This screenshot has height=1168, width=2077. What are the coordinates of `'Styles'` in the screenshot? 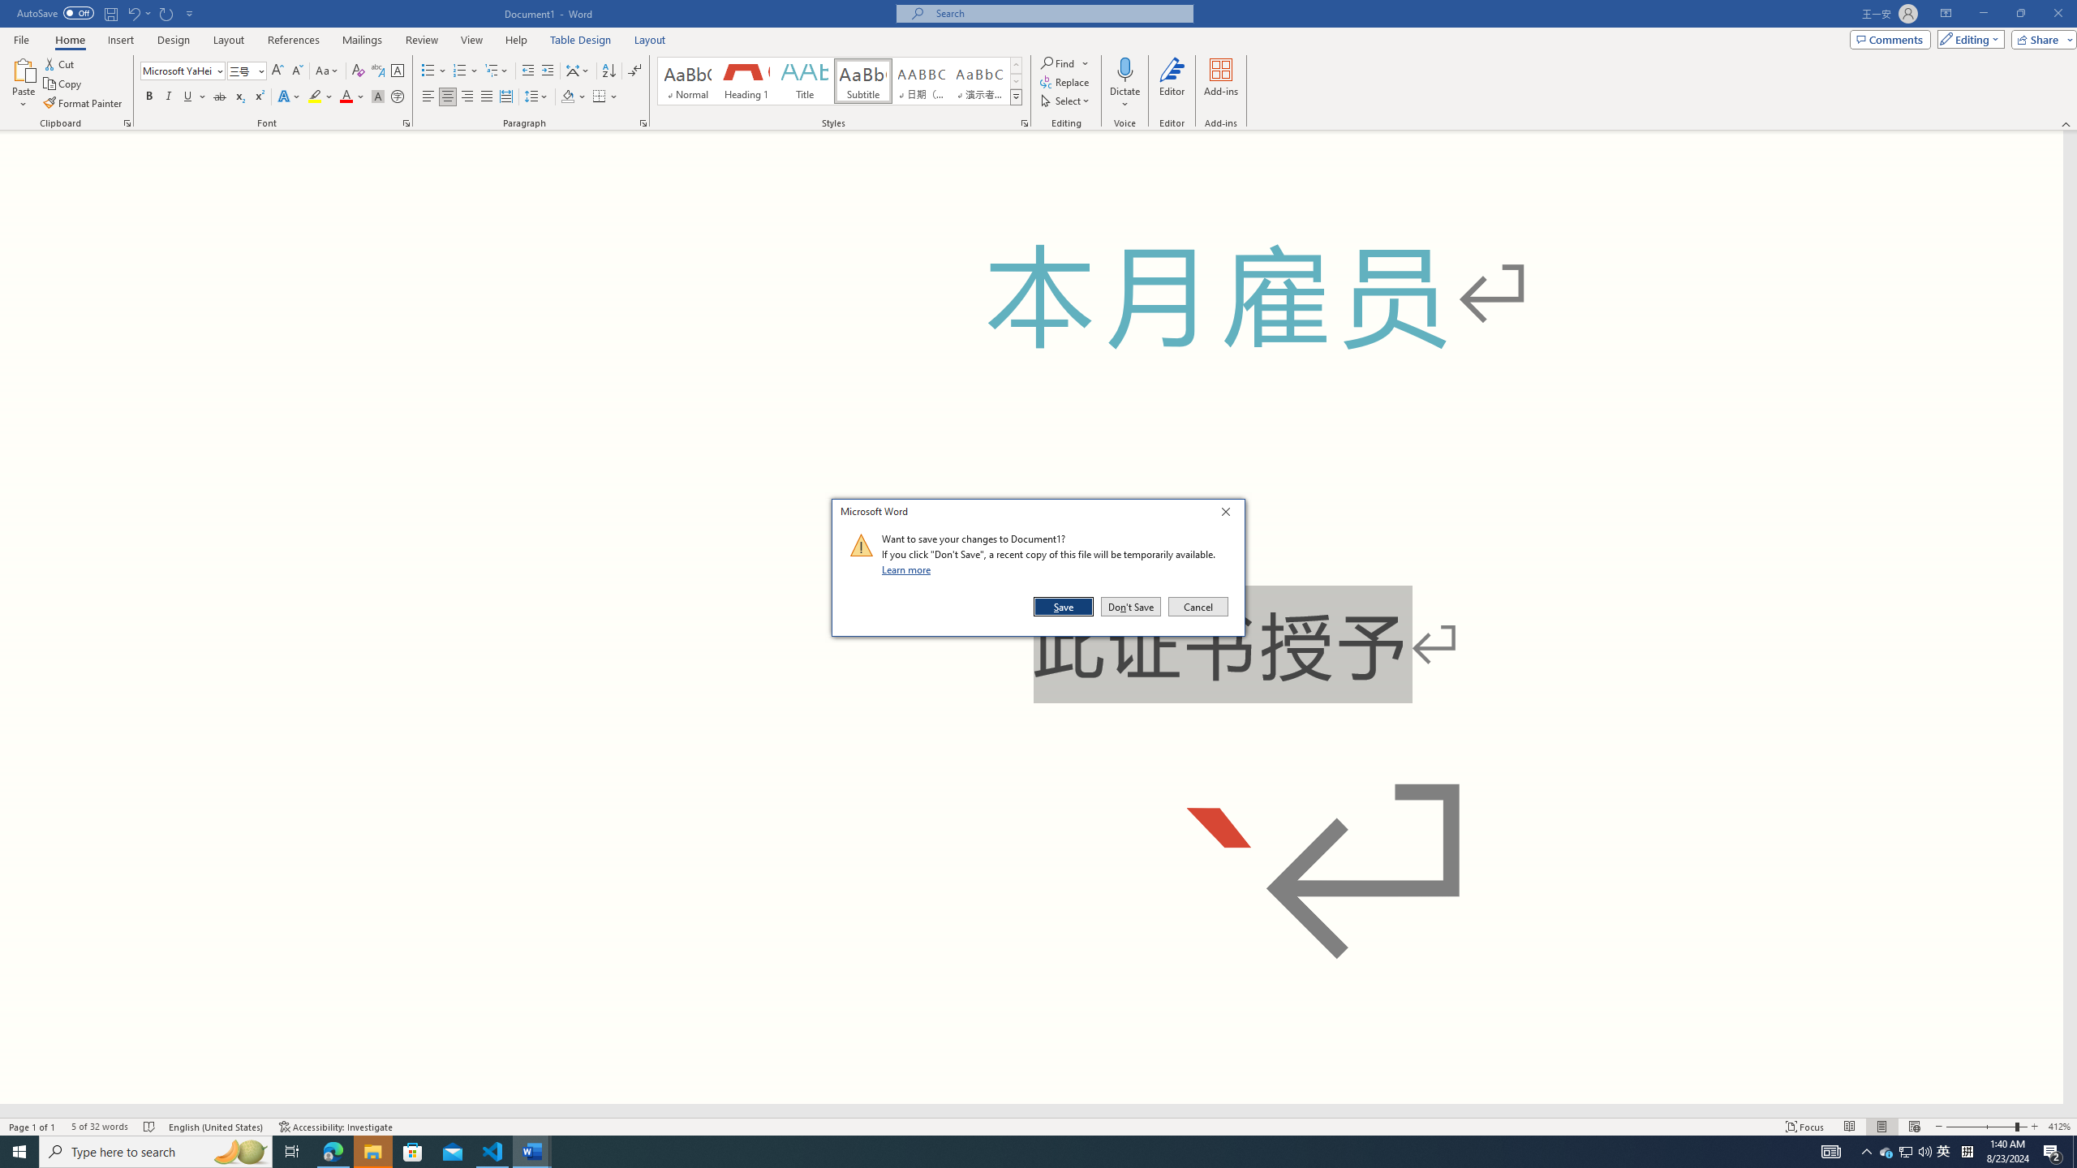 It's located at (1015, 96).